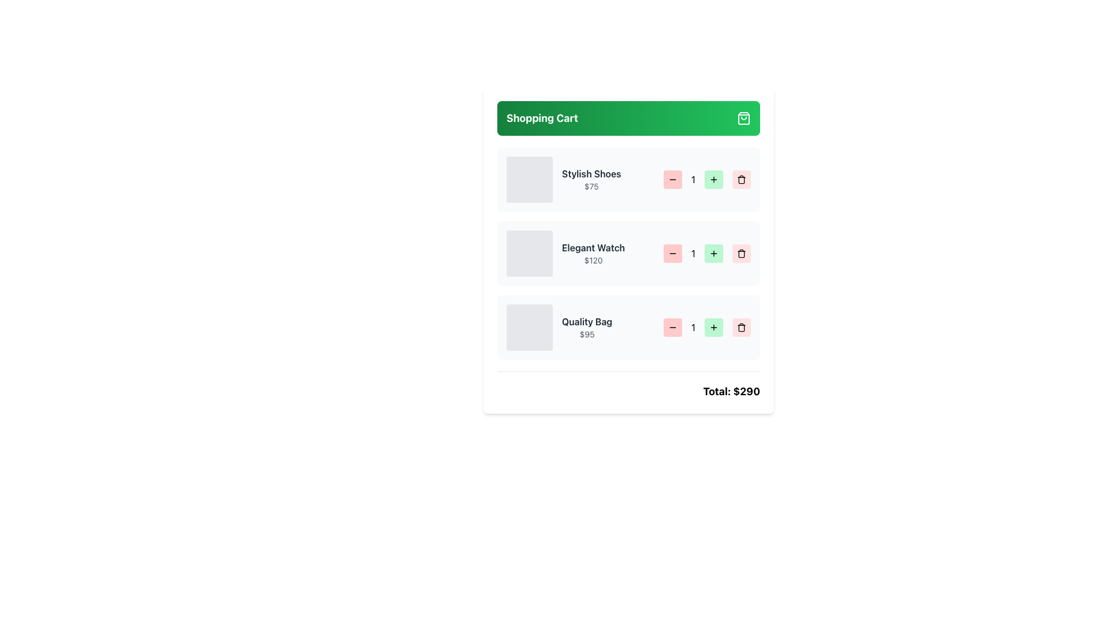  I want to click on the increment button for the 'Stylish Shoes' item in the shopping cart, so click(713, 180).